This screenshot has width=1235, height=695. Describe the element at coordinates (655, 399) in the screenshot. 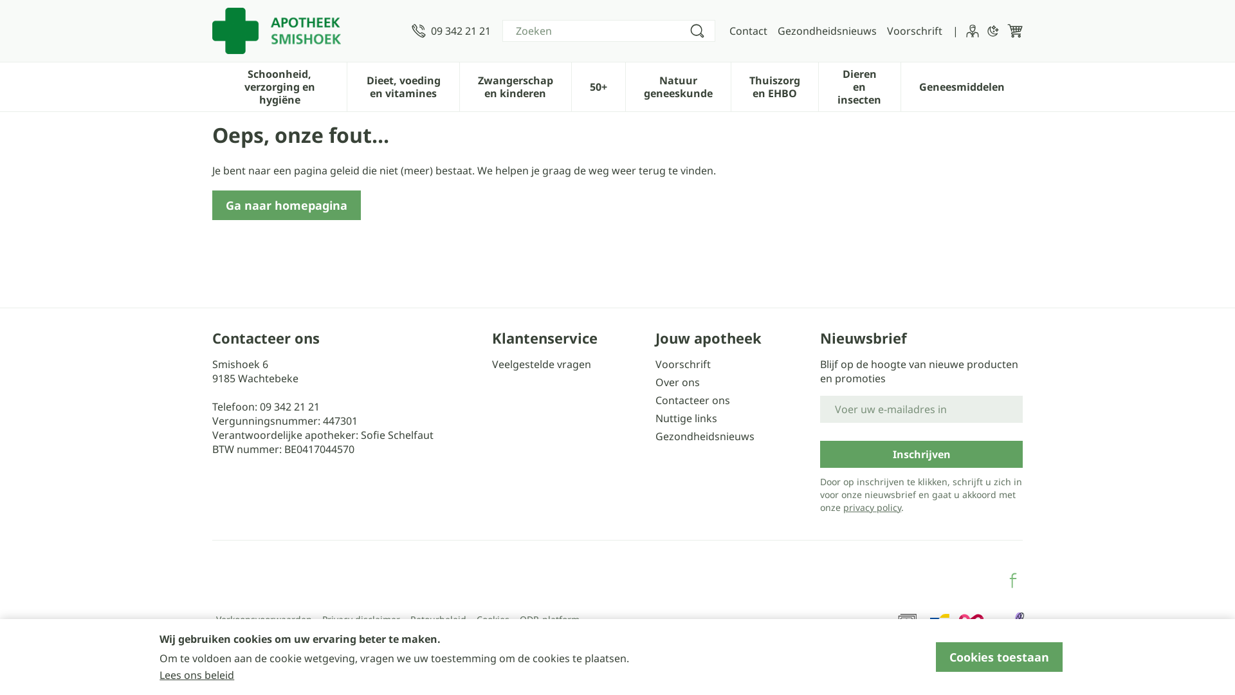

I see `'Contacteer ons'` at that location.